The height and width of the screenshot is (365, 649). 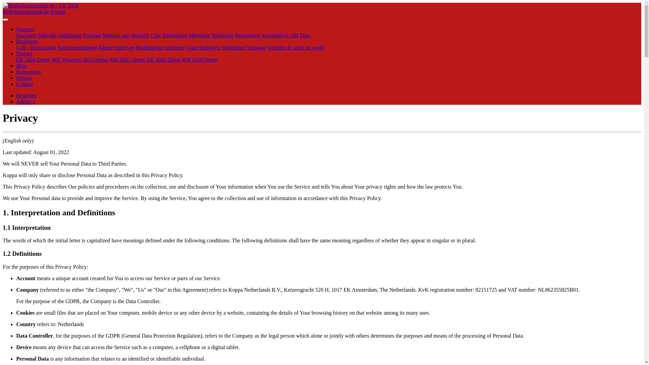 What do you see at coordinates (25, 29) in the screenshot?
I see `'Features'` at bounding box center [25, 29].